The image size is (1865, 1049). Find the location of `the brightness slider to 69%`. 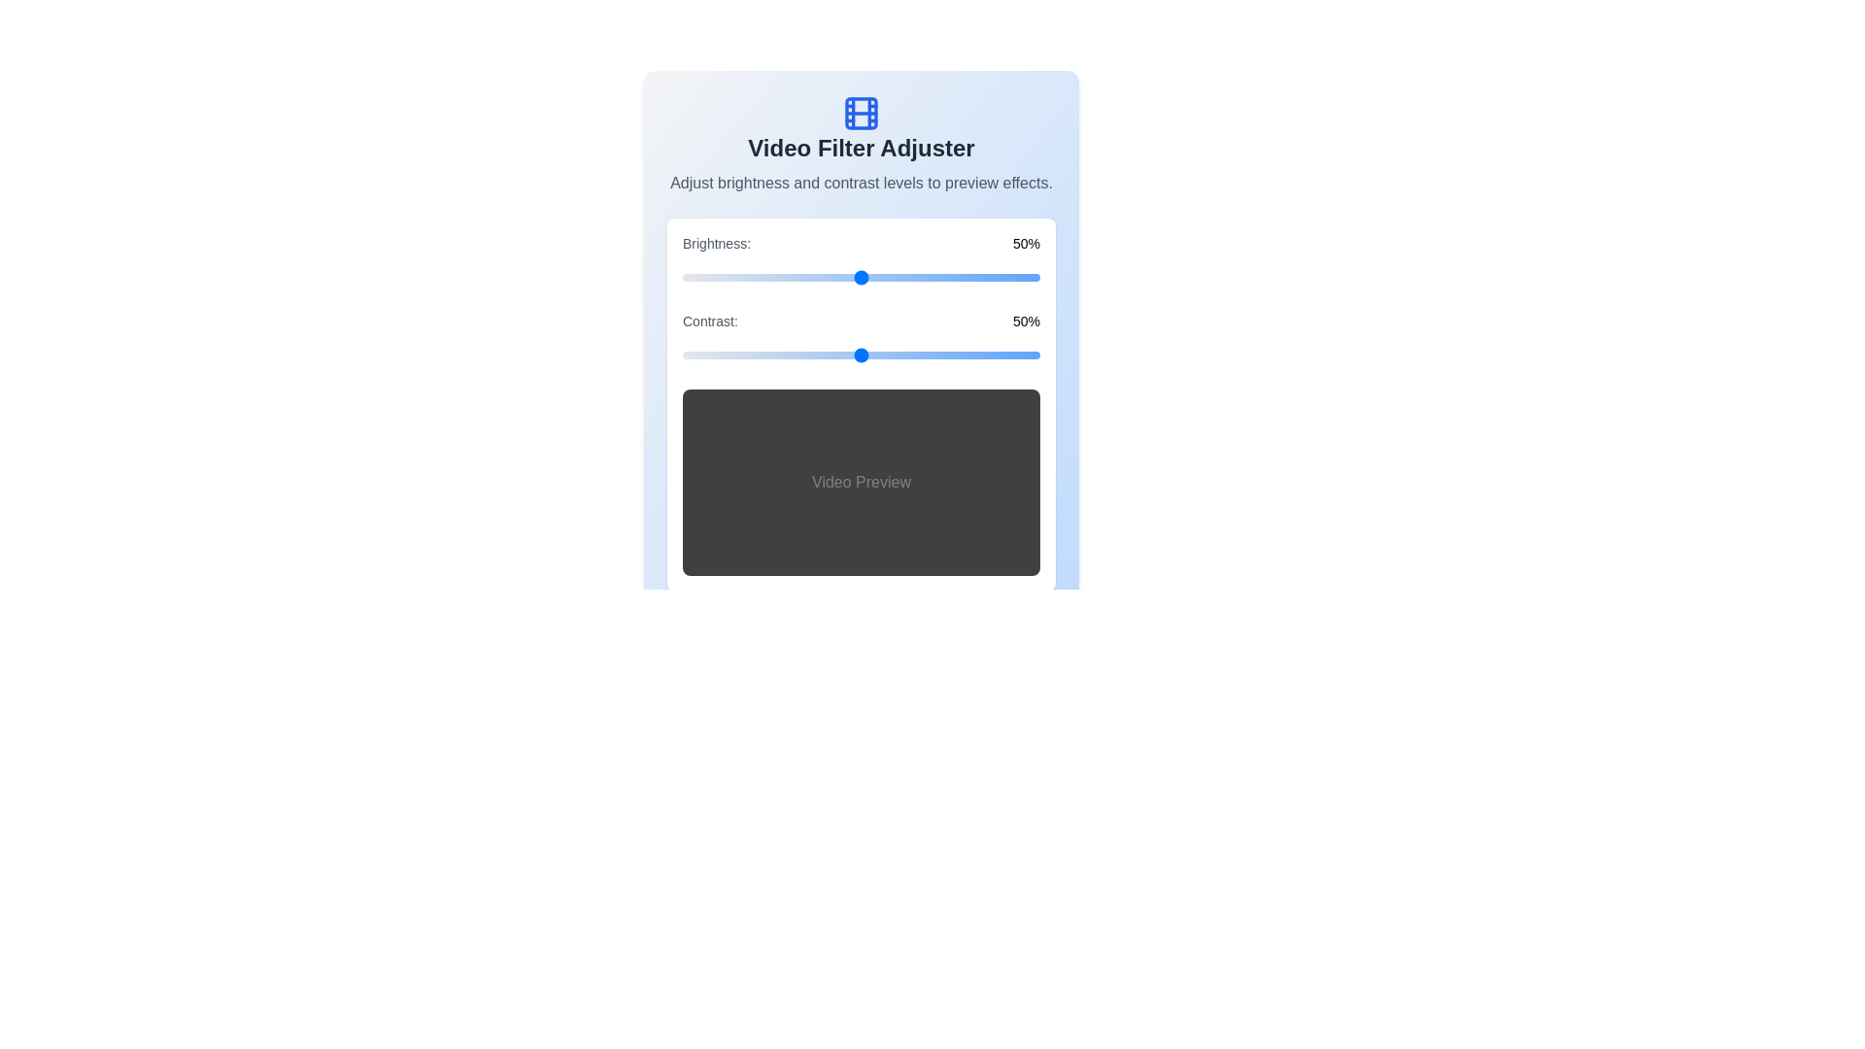

the brightness slider to 69% is located at coordinates (928, 277).